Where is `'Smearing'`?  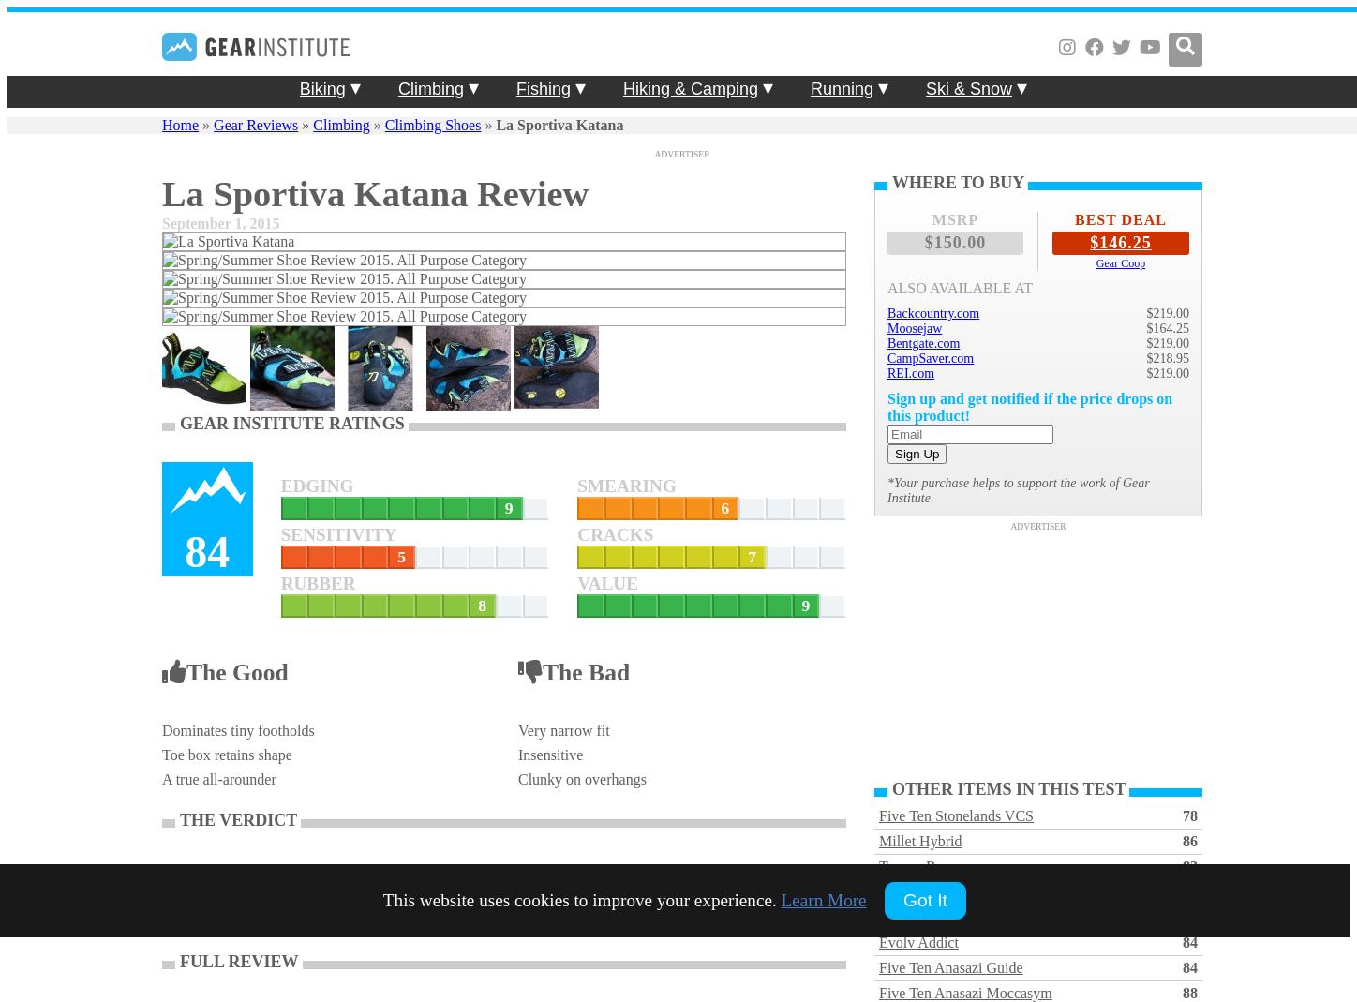
'Smearing' is located at coordinates (576, 485).